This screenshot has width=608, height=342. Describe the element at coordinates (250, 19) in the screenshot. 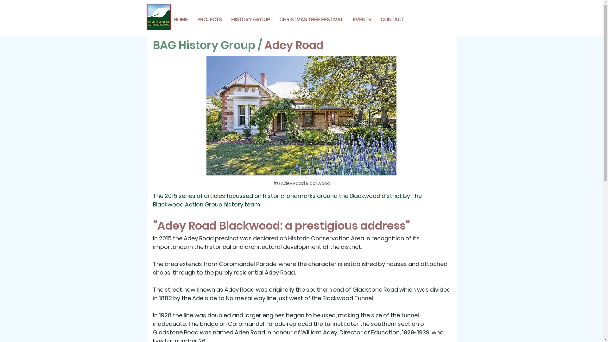

I see `'HISTORY GROUP'` at that location.